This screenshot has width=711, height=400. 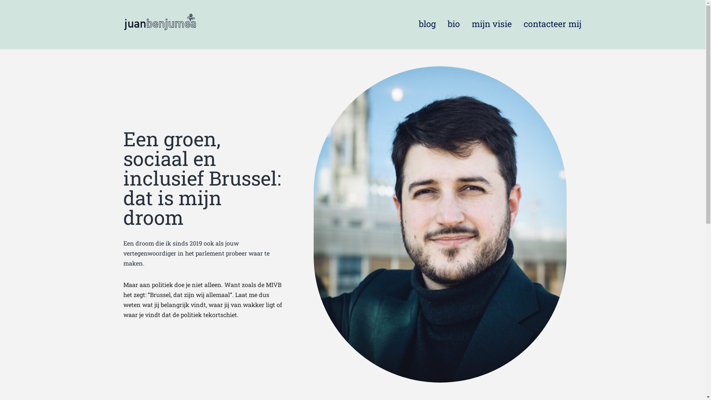 What do you see at coordinates (412, 23) in the screenshot?
I see `'blog'` at bounding box center [412, 23].